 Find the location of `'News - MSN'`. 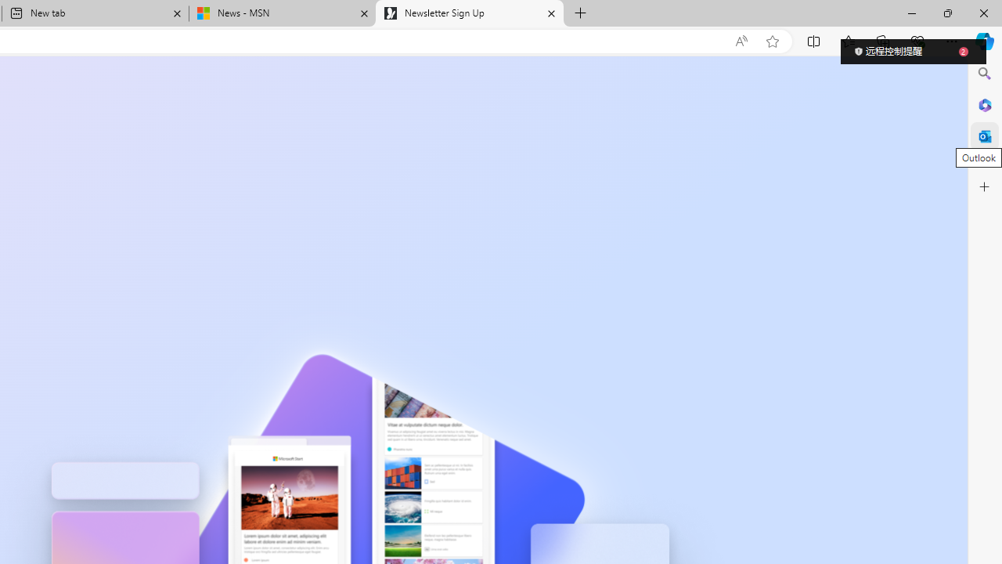

'News - MSN' is located at coordinates (282, 13).